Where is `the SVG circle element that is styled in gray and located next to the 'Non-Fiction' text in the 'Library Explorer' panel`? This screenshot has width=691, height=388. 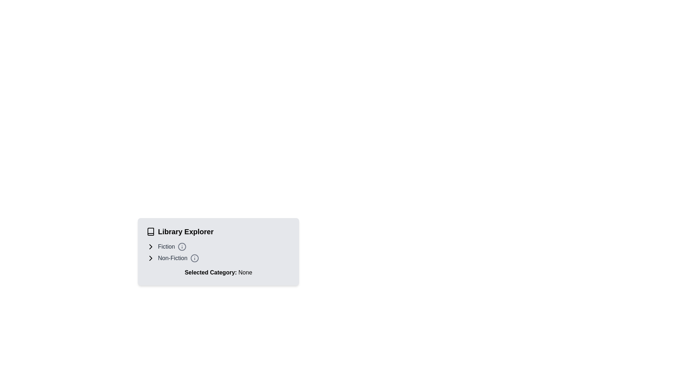
the SVG circle element that is styled in gray and located next to the 'Non-Fiction' text in the 'Library Explorer' panel is located at coordinates (194, 258).